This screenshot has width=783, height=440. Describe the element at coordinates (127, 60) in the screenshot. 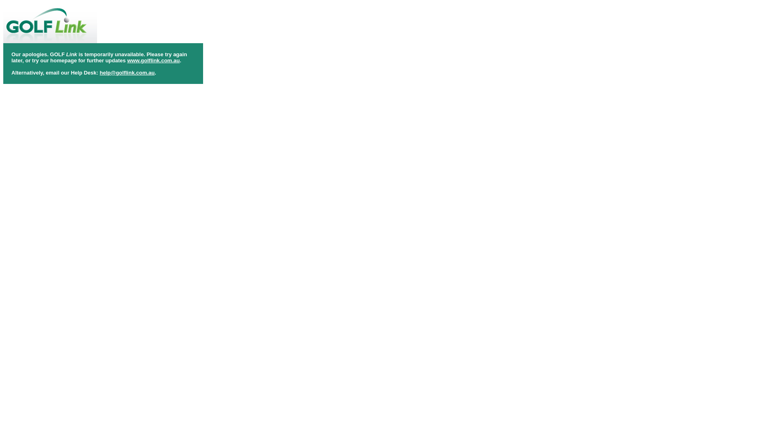

I see `'www.golflink.com.au'` at that location.